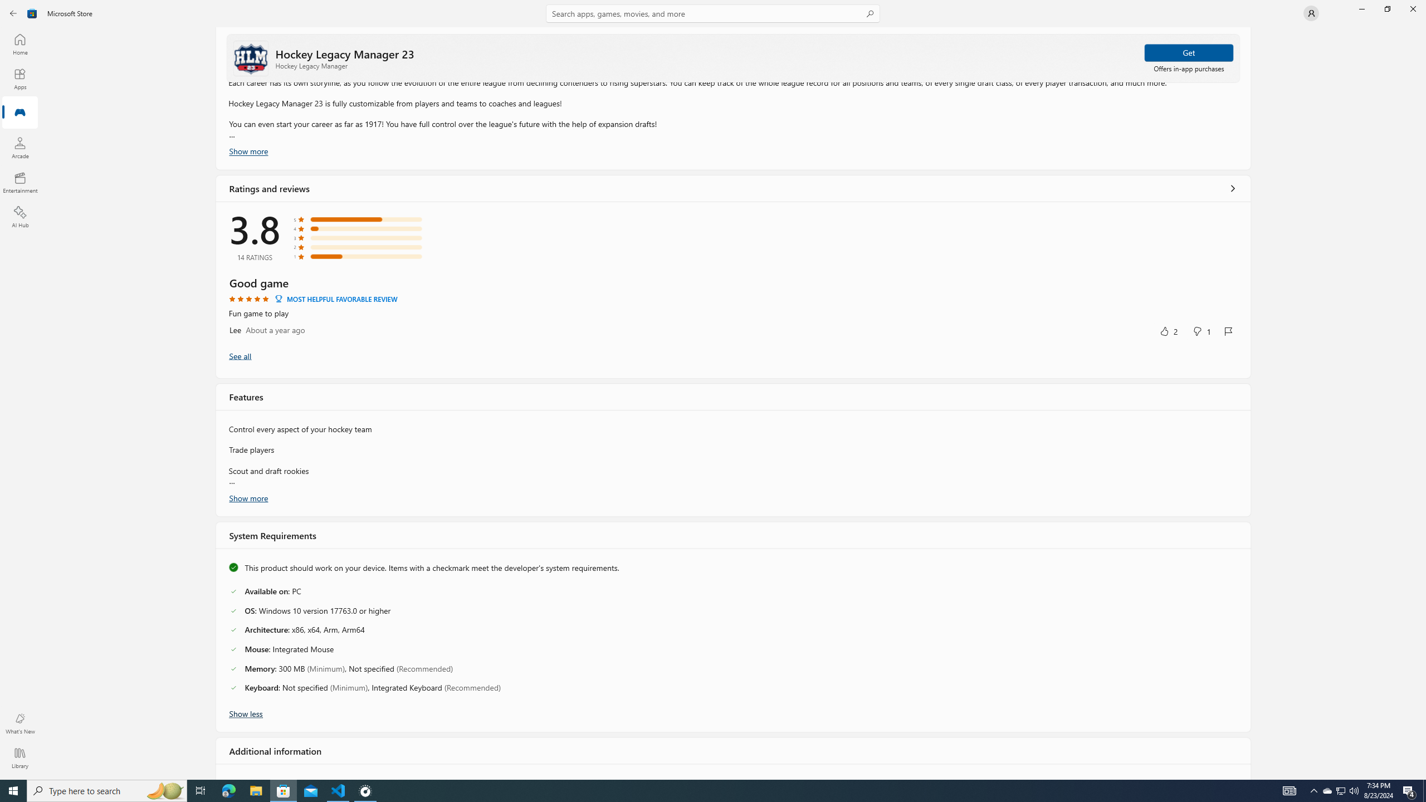 Image resolution: width=1426 pixels, height=802 pixels. I want to click on 'Library', so click(19, 757).